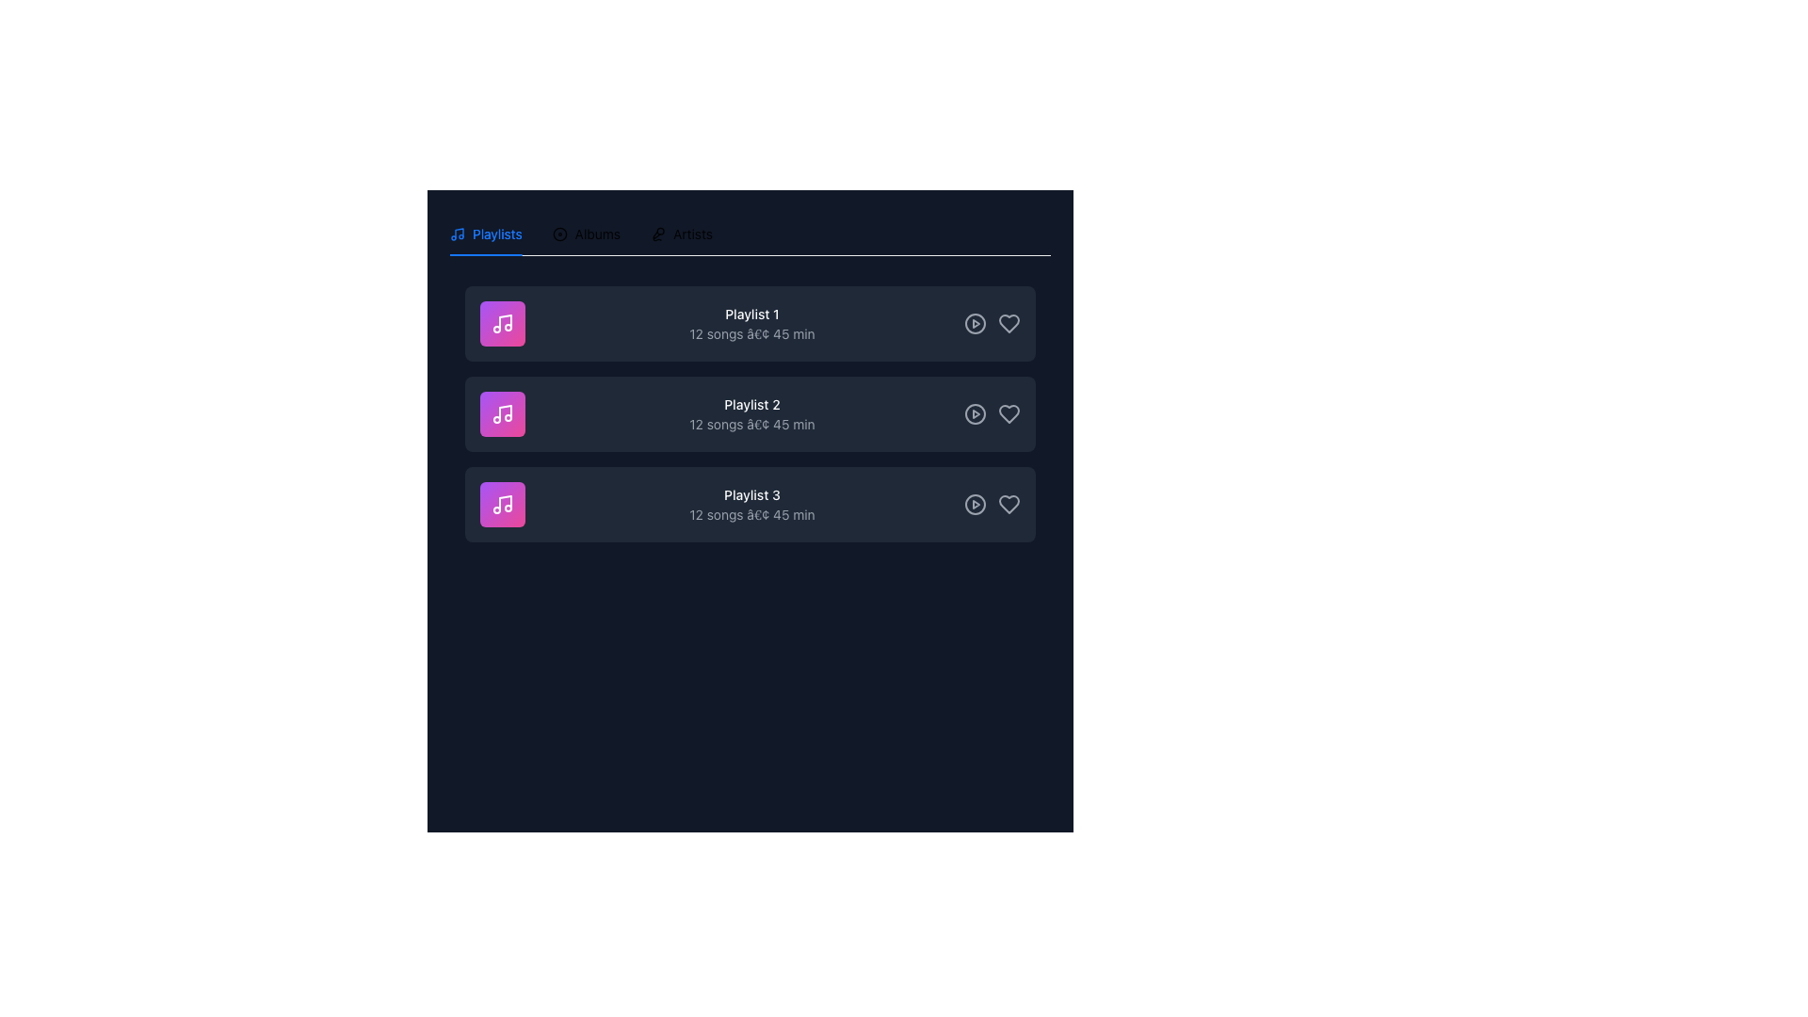  What do you see at coordinates (585, 234) in the screenshot?
I see `the 'Albums' navigation tab located` at bounding box center [585, 234].